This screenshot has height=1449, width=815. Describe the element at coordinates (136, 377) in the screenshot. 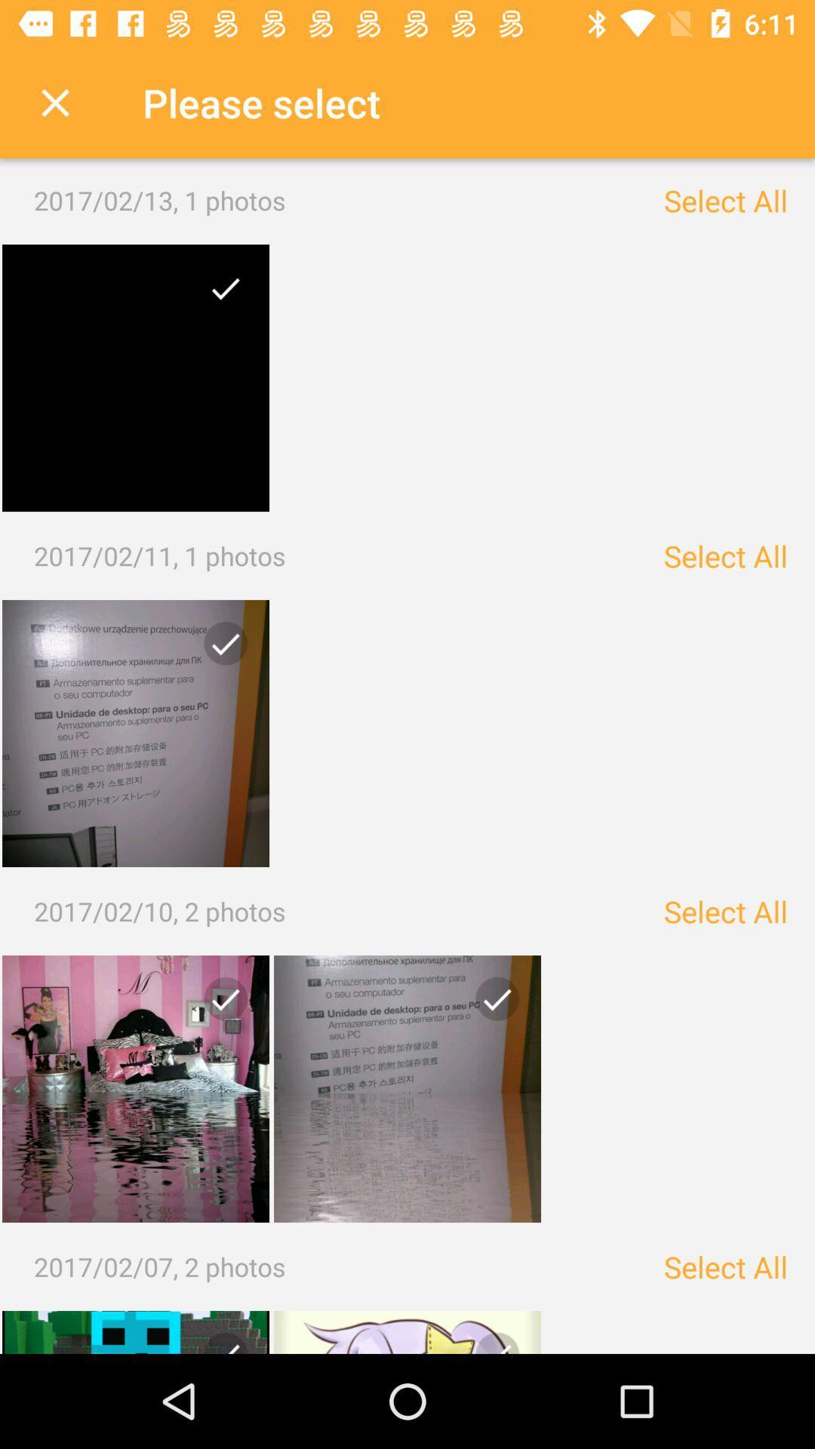

I see `open photo` at that location.